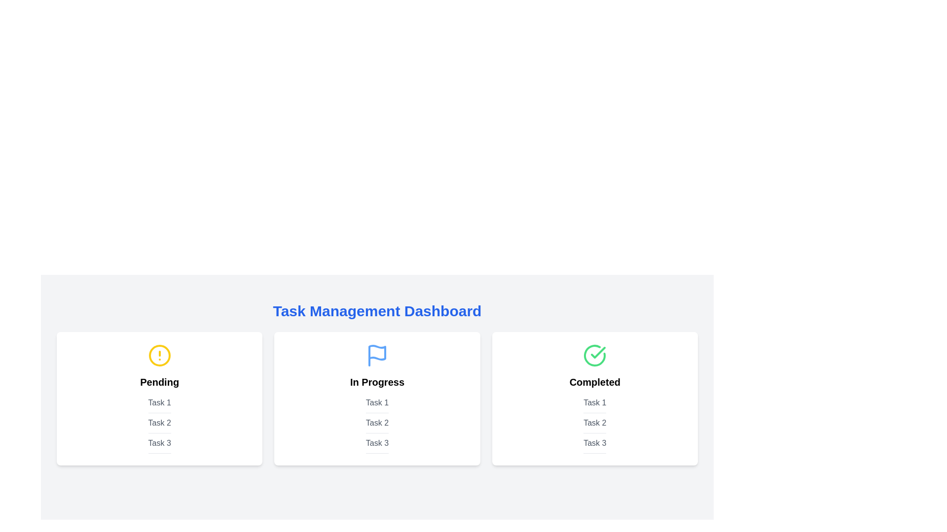 This screenshot has height=532, width=947. What do you see at coordinates (376, 425) in the screenshot?
I see `the 'Task 2' text label in the 'In Progress' section` at bounding box center [376, 425].